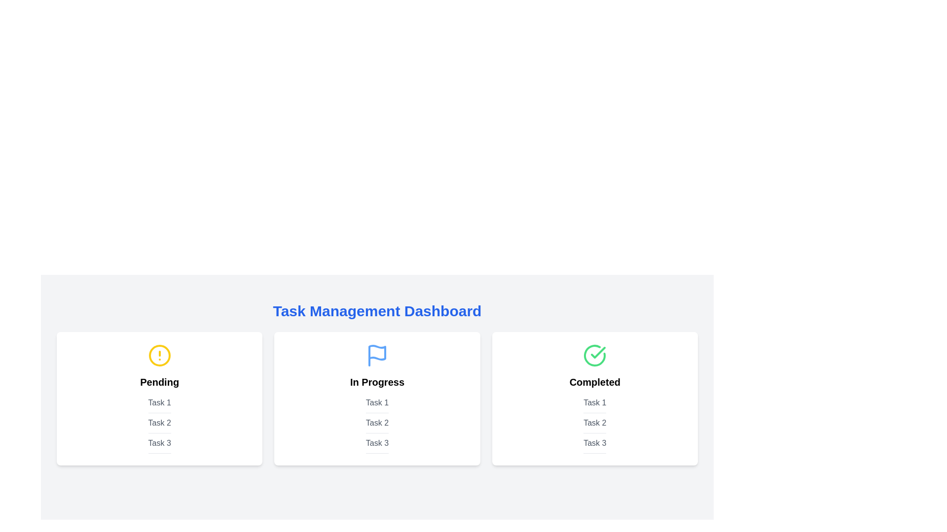 This screenshot has height=532, width=947. What do you see at coordinates (376, 425) in the screenshot?
I see `the 'Task 2' text label in the 'In Progress' section` at bounding box center [376, 425].